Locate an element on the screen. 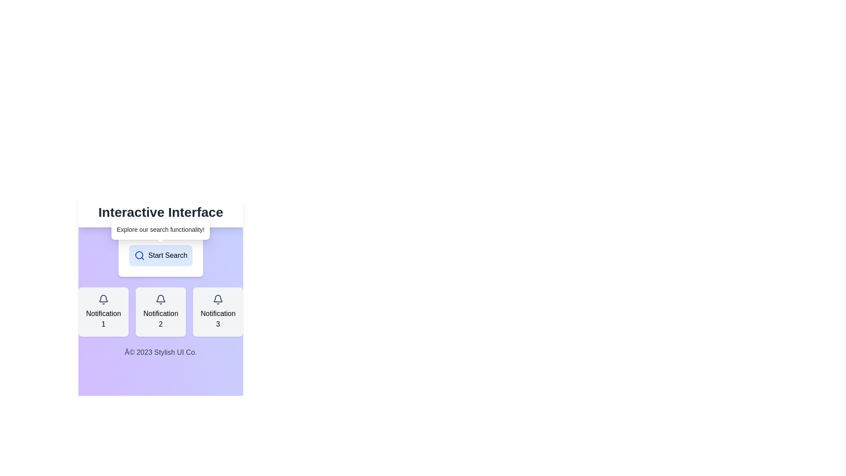 The height and width of the screenshot is (476, 846). the interactive button with a blue background and the text 'Start Search' is located at coordinates (160, 255).